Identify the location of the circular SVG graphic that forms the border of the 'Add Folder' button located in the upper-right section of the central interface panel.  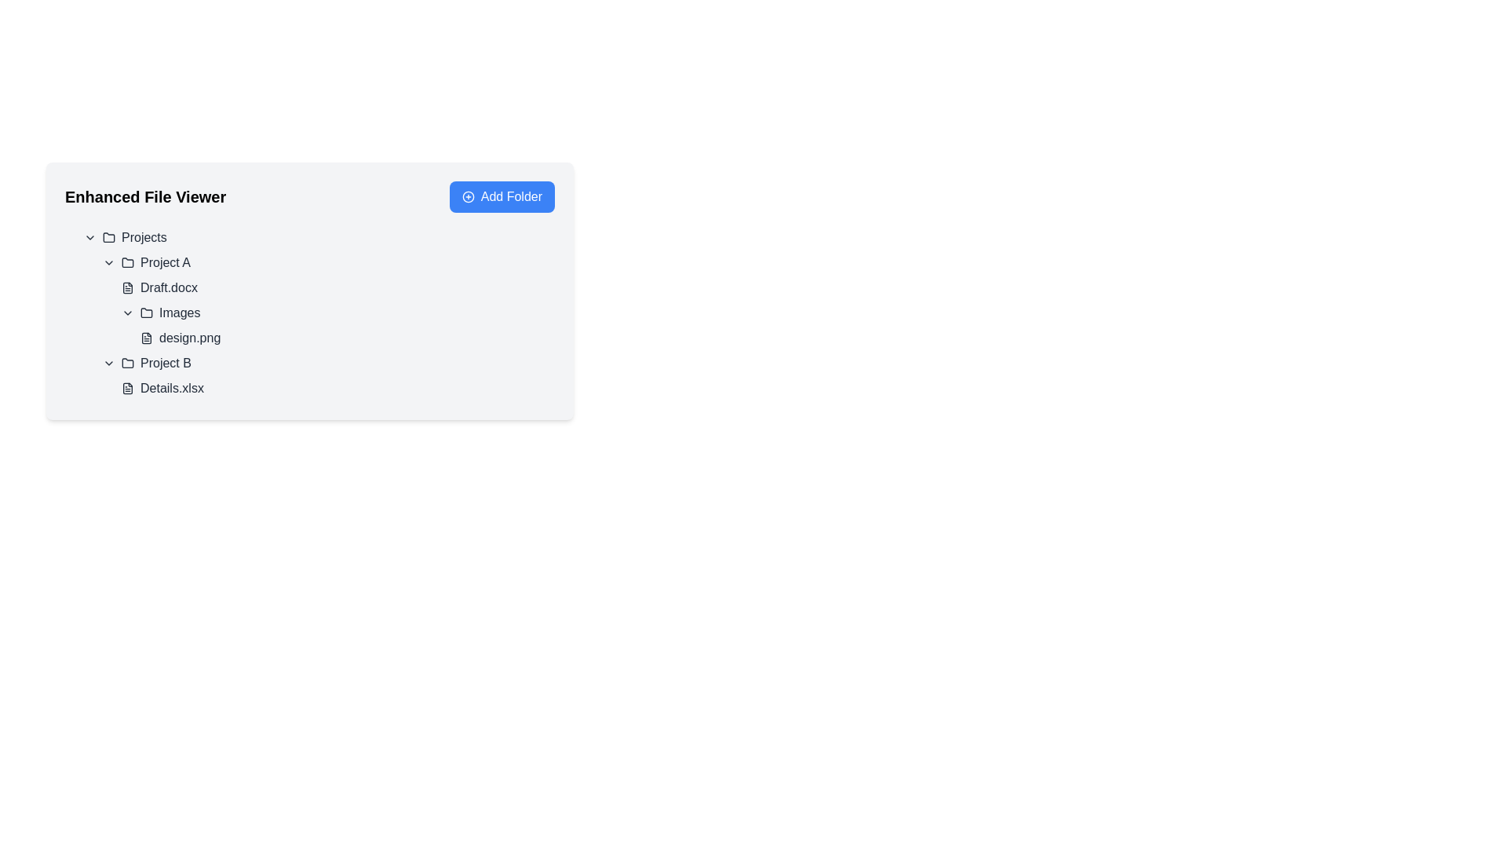
(467, 196).